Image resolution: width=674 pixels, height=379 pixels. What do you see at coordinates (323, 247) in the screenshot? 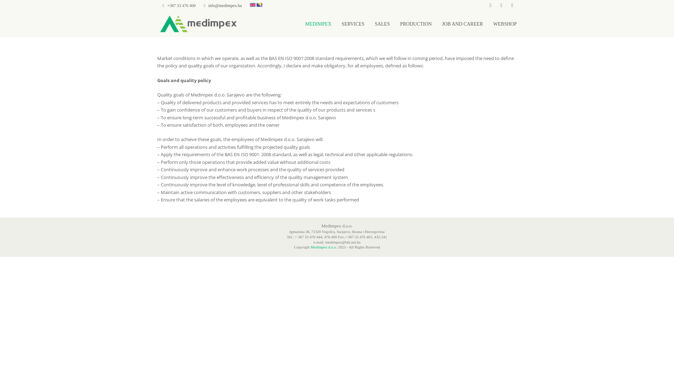
I see `'Medimpex d.o.o.'` at bounding box center [323, 247].